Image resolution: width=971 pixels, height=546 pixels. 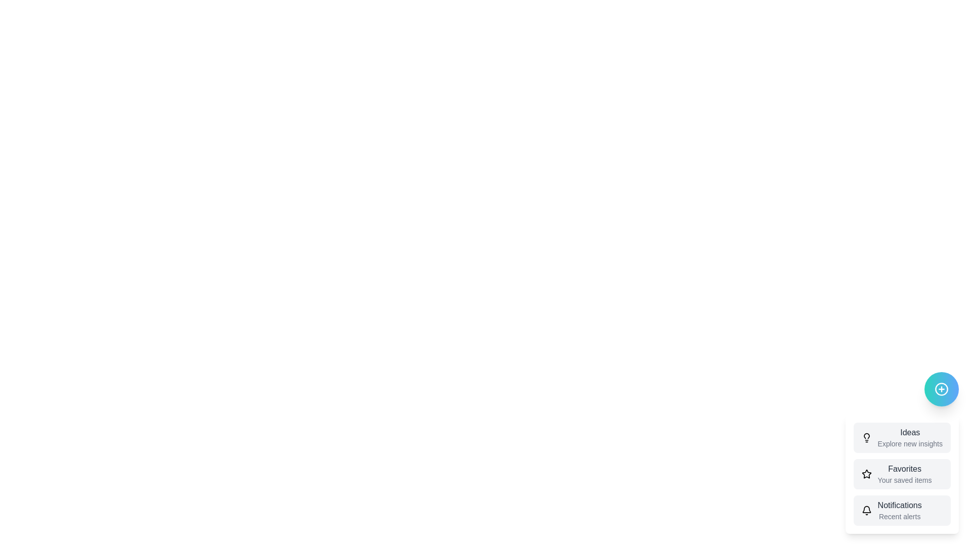 What do you see at coordinates (866, 474) in the screenshot?
I see `the star-shaped icon with a hollow center and bold outline, located next to the text 'Favorites.'` at bounding box center [866, 474].